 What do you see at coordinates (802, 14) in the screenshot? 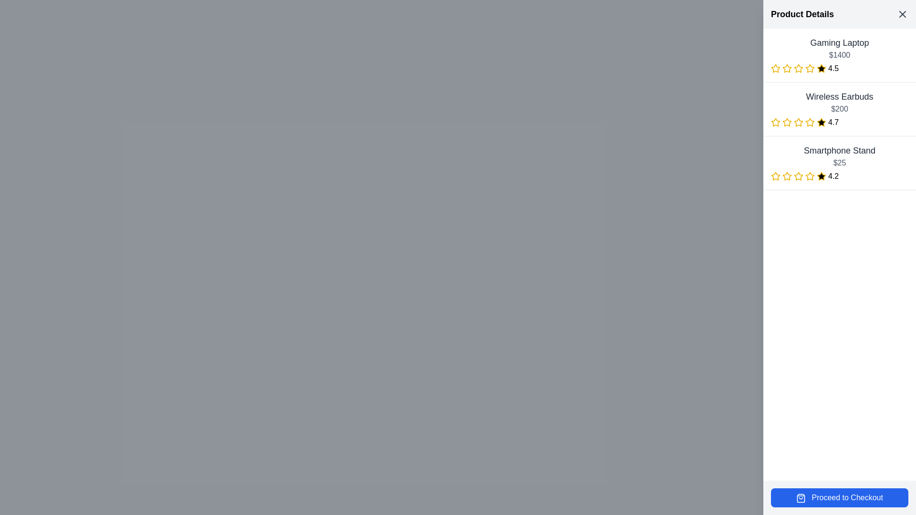
I see `the 'Product Details' static text label, which is prominently displayed in bold and large font in the header section of the sidebar layout` at bounding box center [802, 14].